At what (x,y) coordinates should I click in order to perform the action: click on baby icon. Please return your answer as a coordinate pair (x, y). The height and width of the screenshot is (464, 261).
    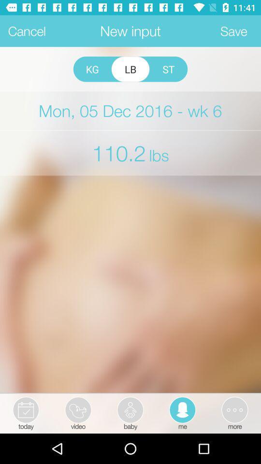
    Looking at the image, I should click on (130, 409).